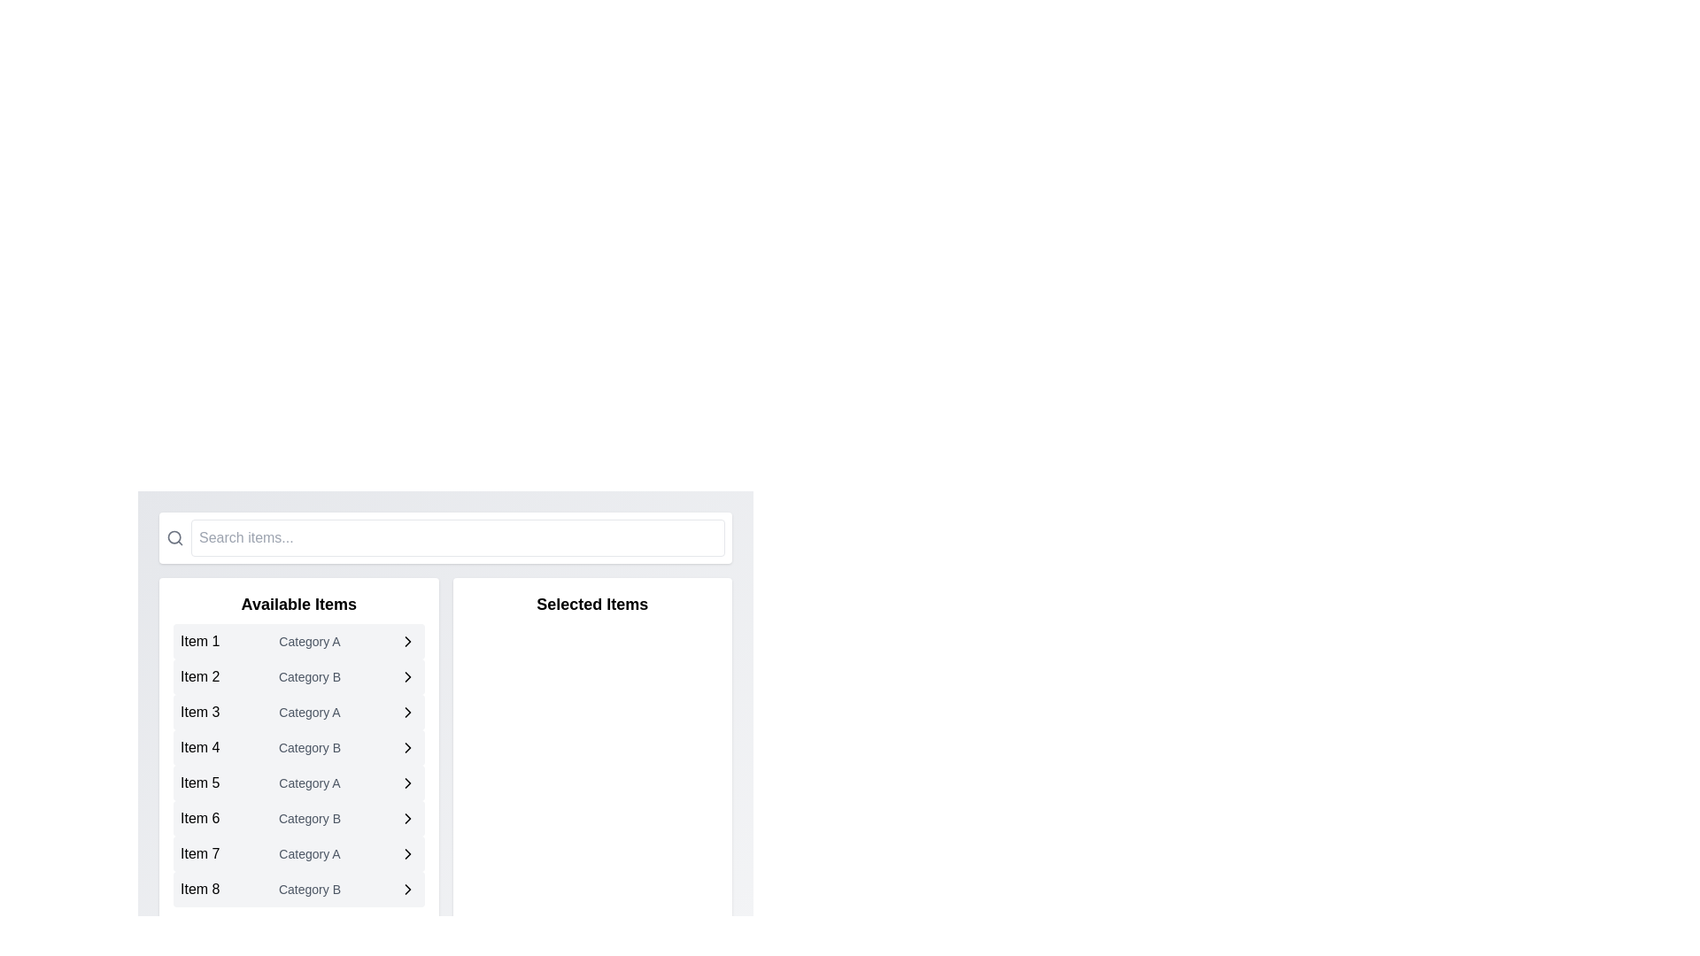 This screenshot has height=956, width=1700. Describe the element at coordinates (298, 890) in the screenshot. I see `the selectable list item for 'Item 8' in 'Category B'` at that location.